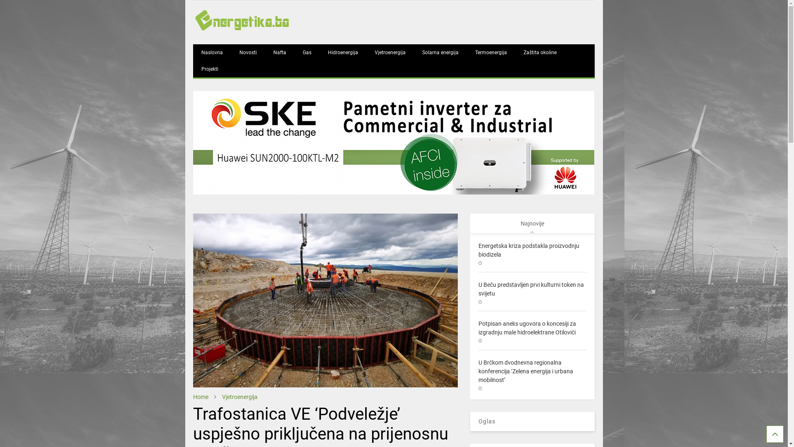  What do you see at coordinates (192, 29) in the screenshot?
I see `'Energetika.ba'` at bounding box center [192, 29].